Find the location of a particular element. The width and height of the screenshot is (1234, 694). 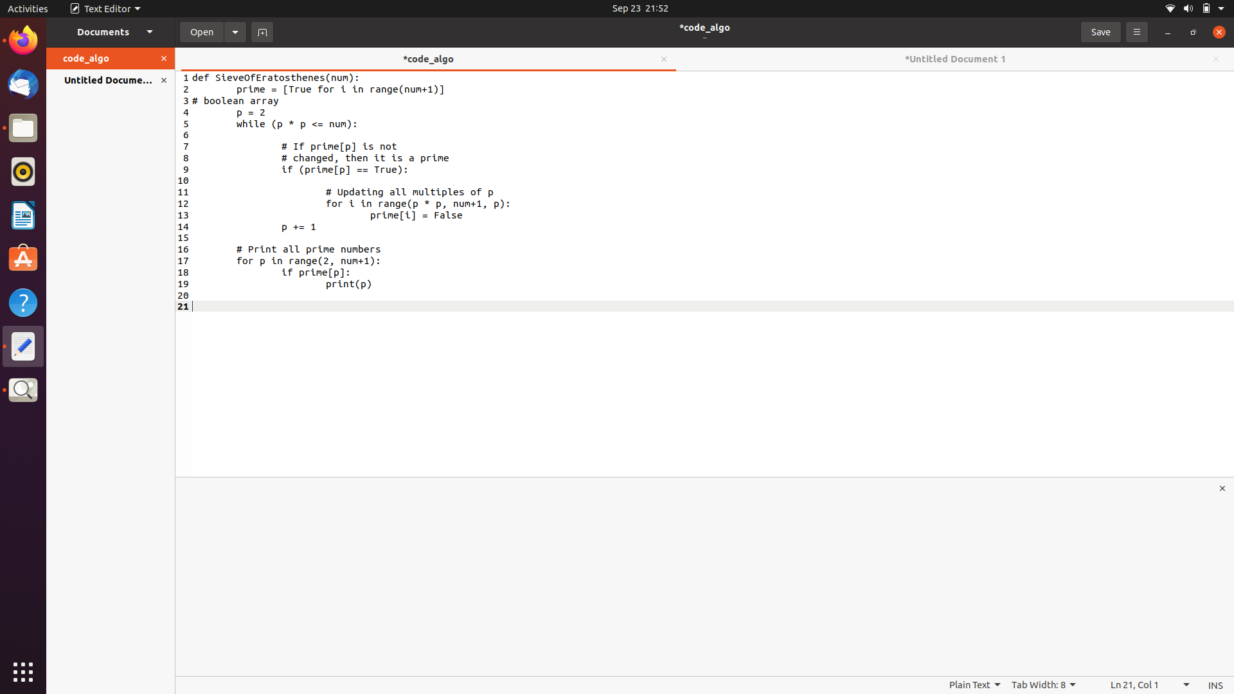

Terminate the code_algo document via the orange dashboard is located at coordinates (165, 59).